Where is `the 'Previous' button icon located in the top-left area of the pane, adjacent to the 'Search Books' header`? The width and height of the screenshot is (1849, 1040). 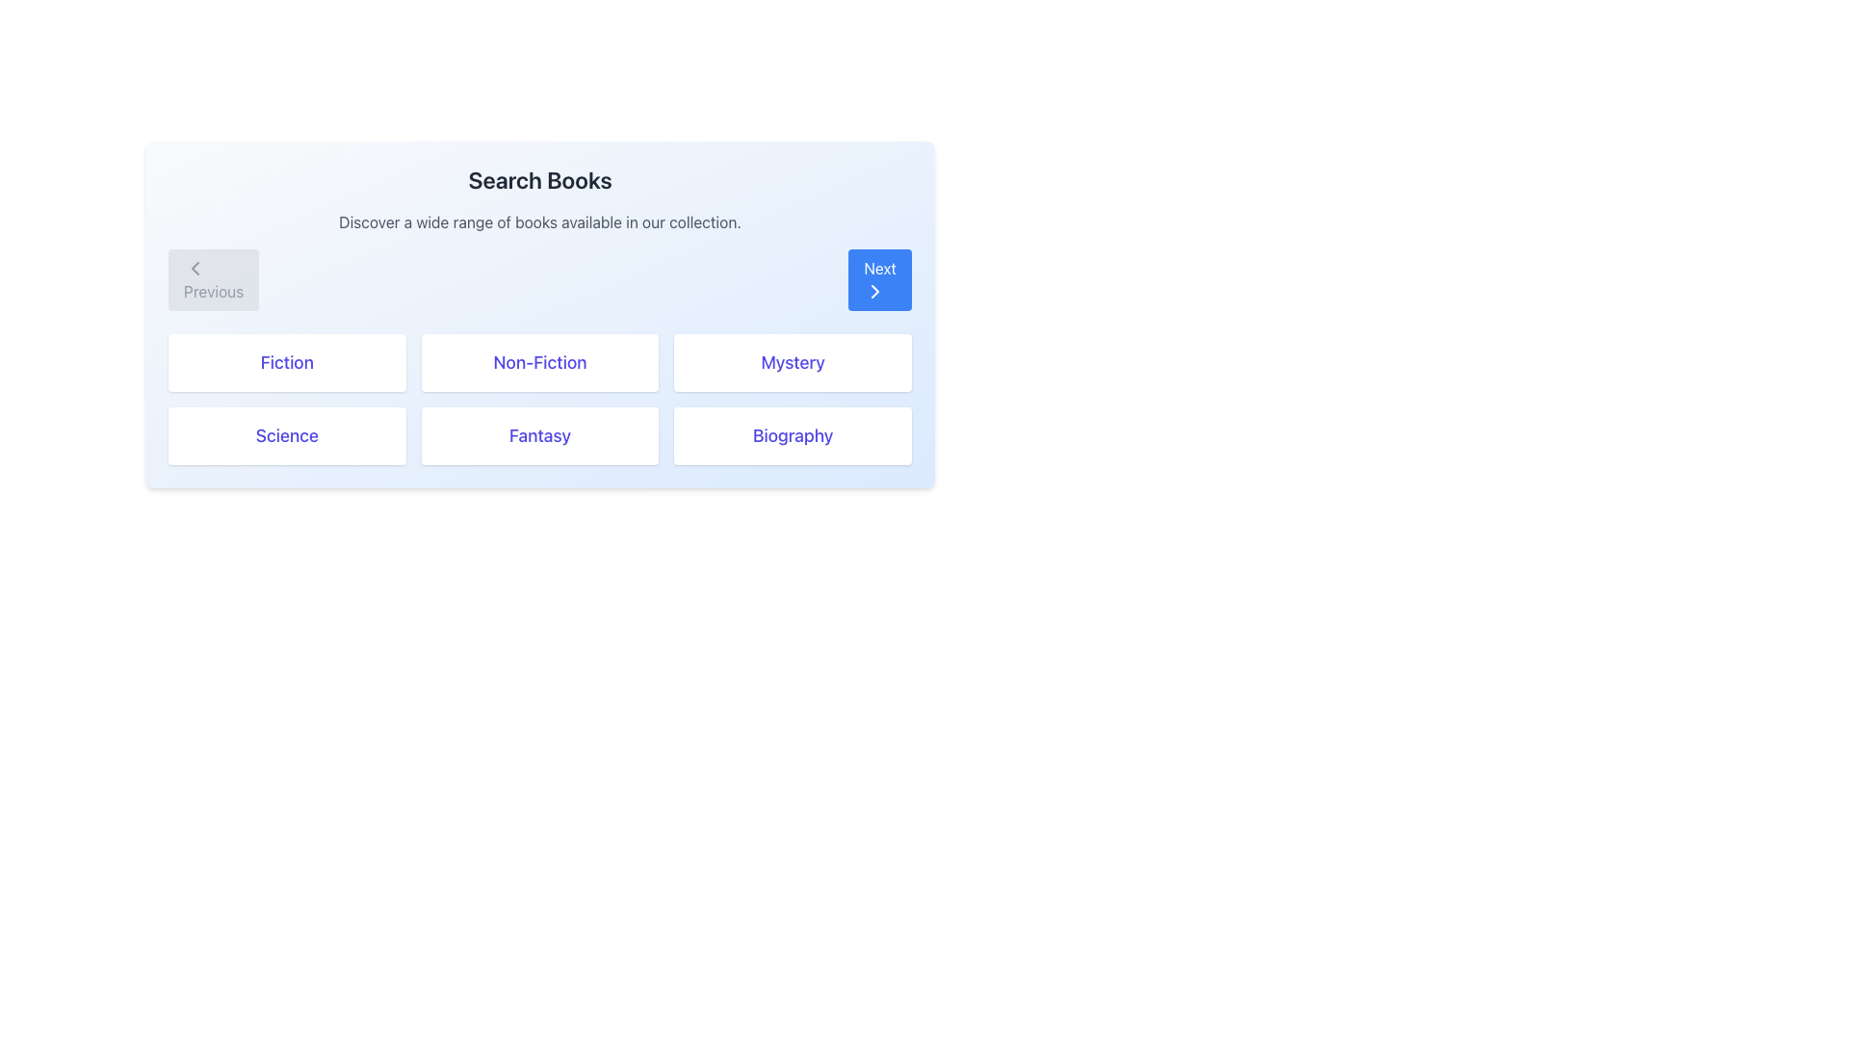 the 'Previous' button icon located in the top-left area of the pane, adjacent to the 'Search Books' header is located at coordinates (195, 268).